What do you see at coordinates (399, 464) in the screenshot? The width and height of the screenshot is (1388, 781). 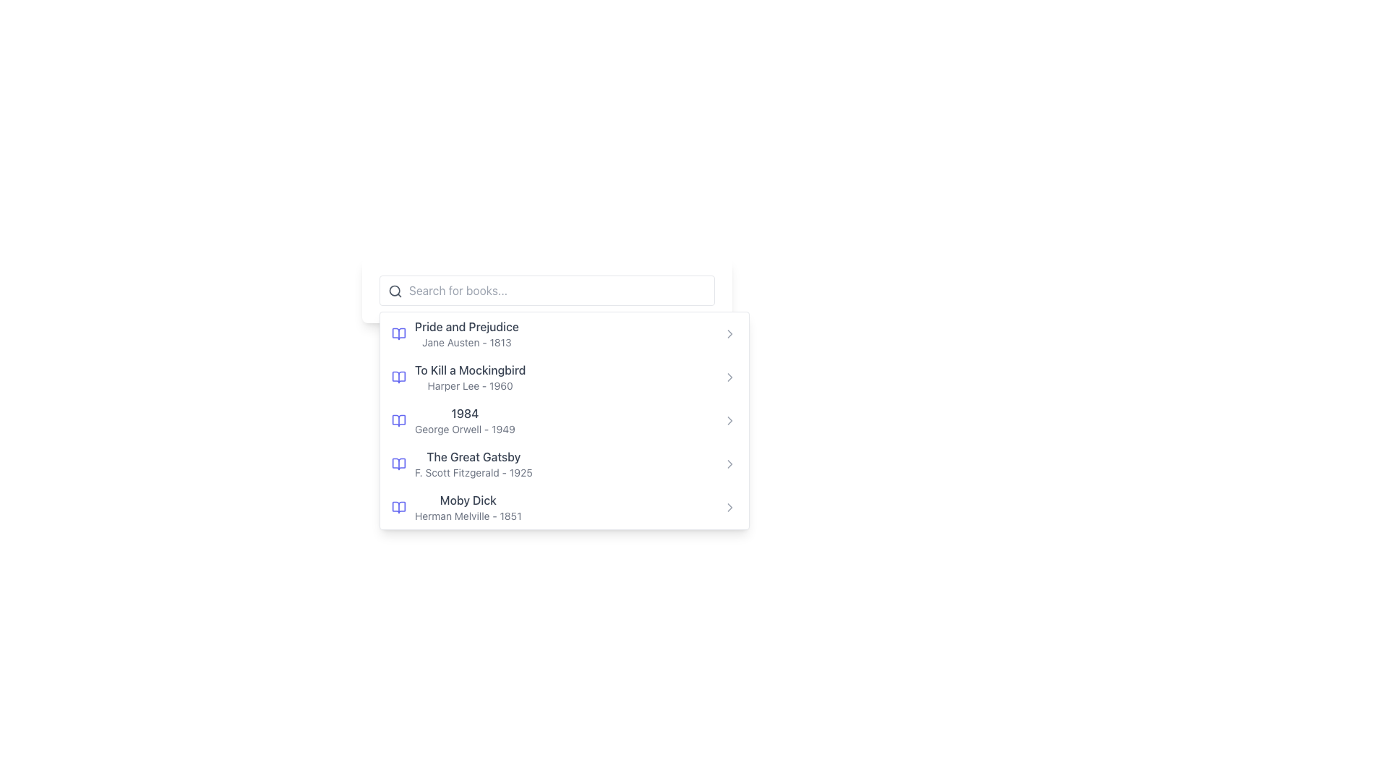 I see `the open book icon styled in blue-indigo, located to the left of the text block 'The Great Gatsby F. Scott Fitzgerald - 1925'` at bounding box center [399, 464].